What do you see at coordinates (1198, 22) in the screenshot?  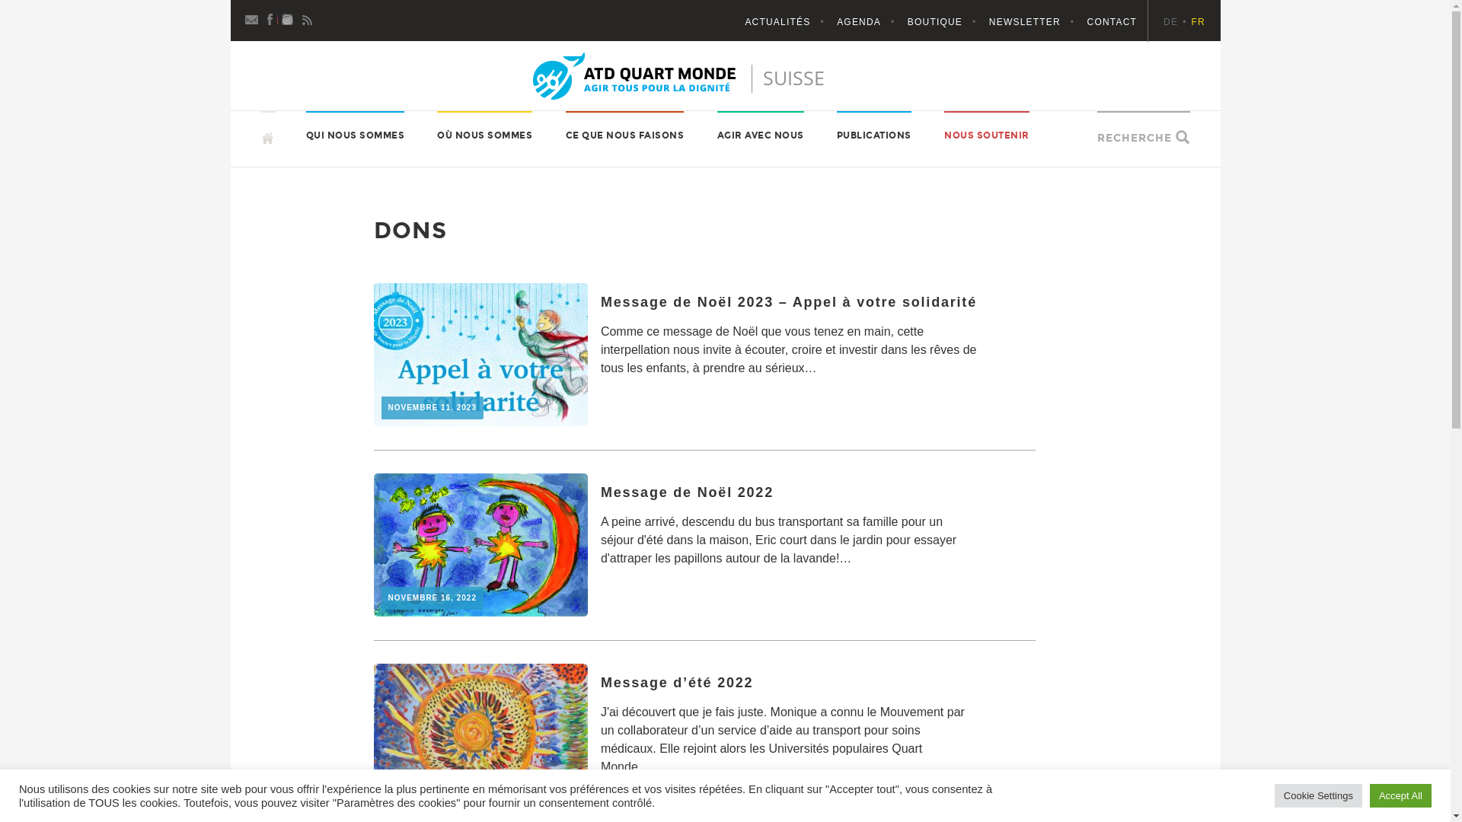 I see `'FR'` at bounding box center [1198, 22].